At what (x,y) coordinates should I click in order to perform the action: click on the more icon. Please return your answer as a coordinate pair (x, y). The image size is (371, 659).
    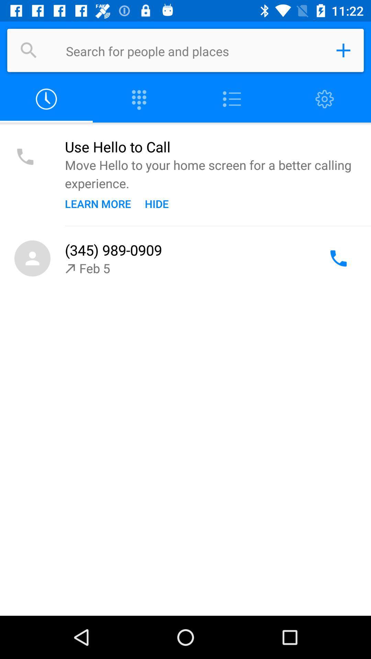
    Looking at the image, I should click on (139, 99).